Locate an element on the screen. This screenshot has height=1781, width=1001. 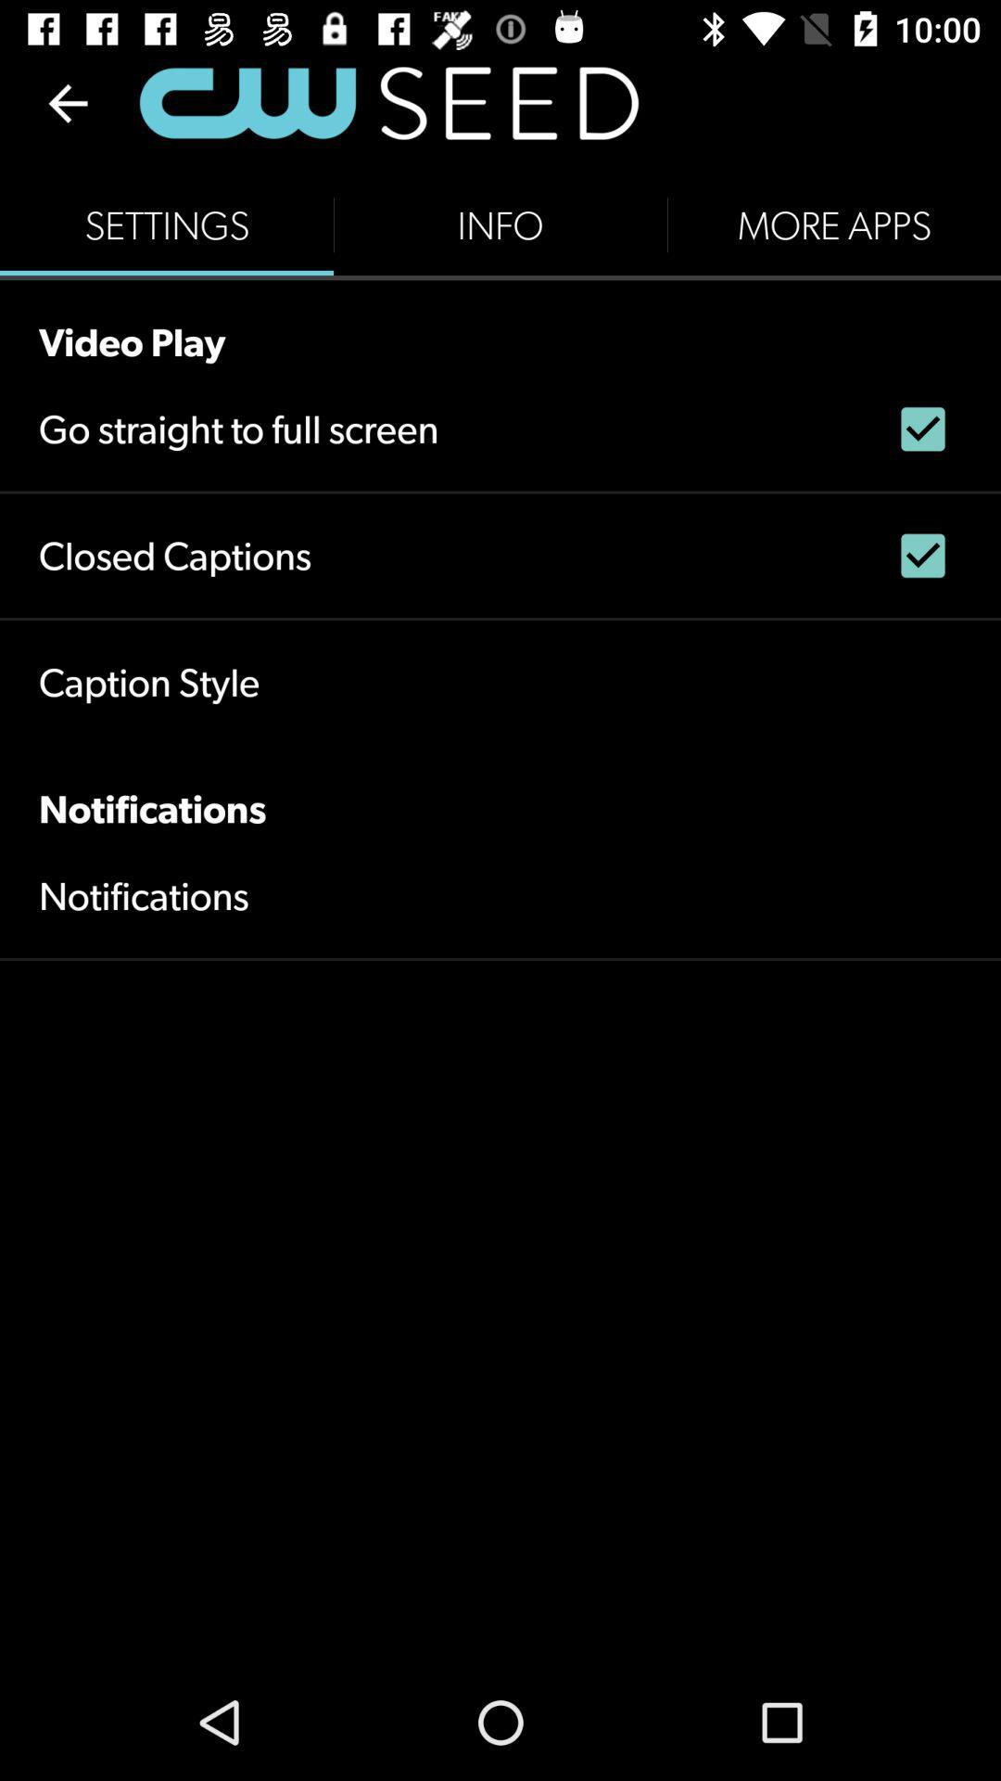
the icon above settings icon is located at coordinates (67, 102).